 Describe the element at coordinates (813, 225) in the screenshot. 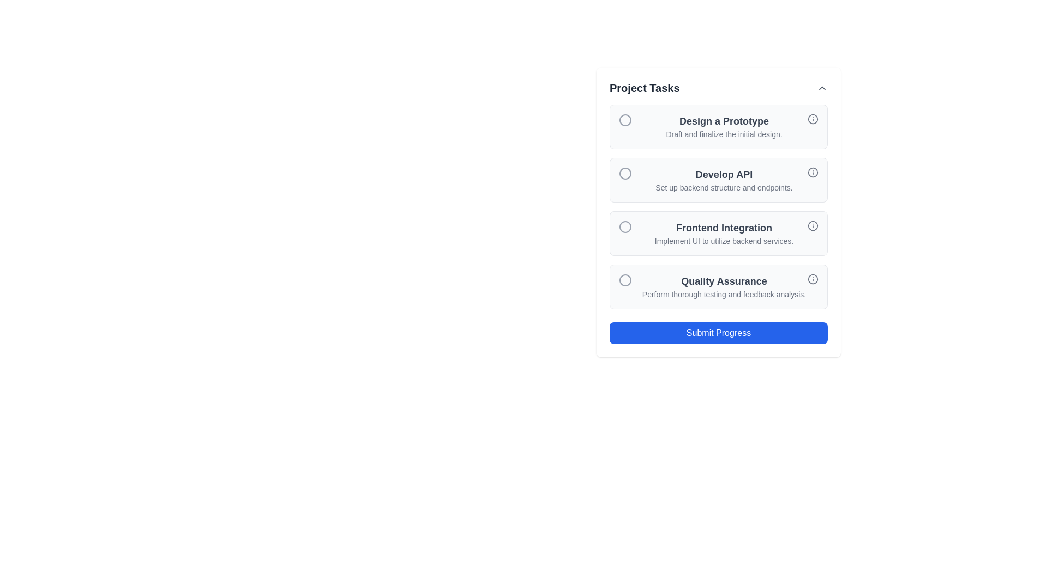

I see `the circular outline of the icon associated with the 'Frontend Integration' task in the task list` at that location.